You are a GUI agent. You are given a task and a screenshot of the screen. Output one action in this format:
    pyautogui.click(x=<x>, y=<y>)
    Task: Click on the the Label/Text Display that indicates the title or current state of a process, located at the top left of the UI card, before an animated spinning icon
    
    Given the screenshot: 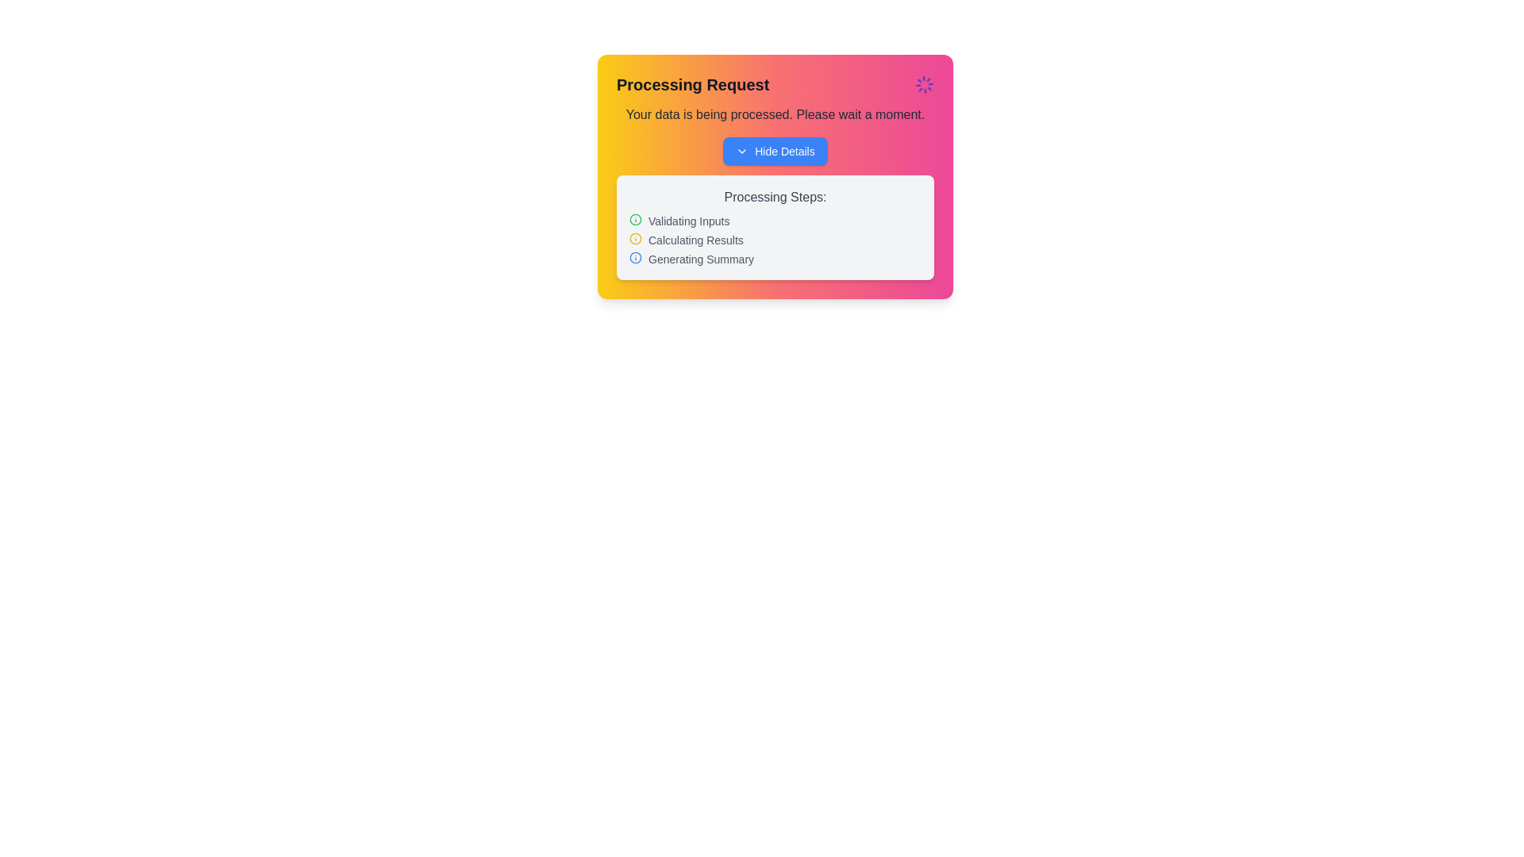 What is the action you would take?
    pyautogui.click(x=693, y=85)
    